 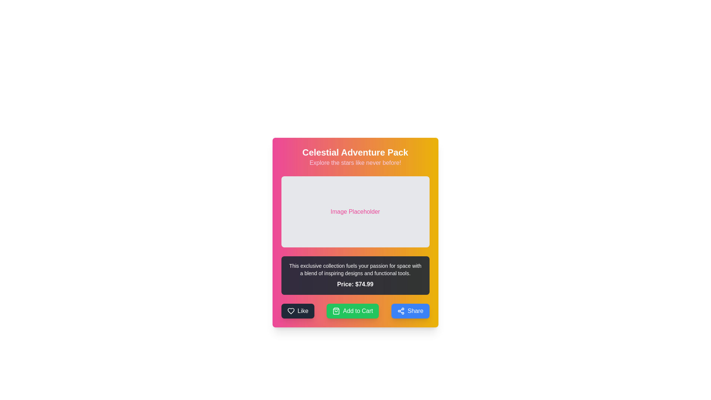 I want to click on the text label displaying 'Price: $74.99', which is a bold white font on a dark background, located at the bottom-center of the product details card, so click(x=355, y=284).